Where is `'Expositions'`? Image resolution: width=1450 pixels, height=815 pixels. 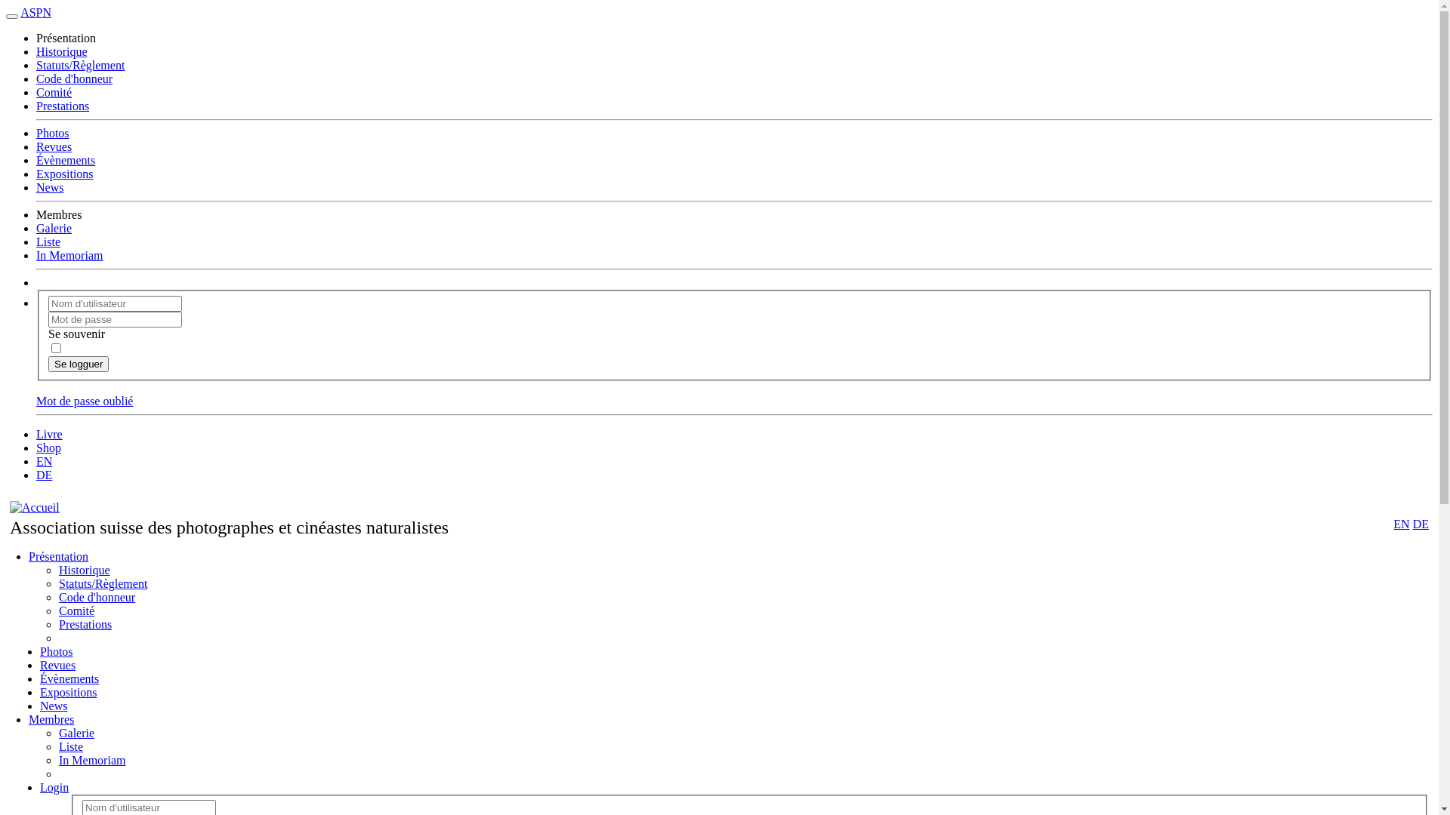 'Expositions' is located at coordinates (39, 692).